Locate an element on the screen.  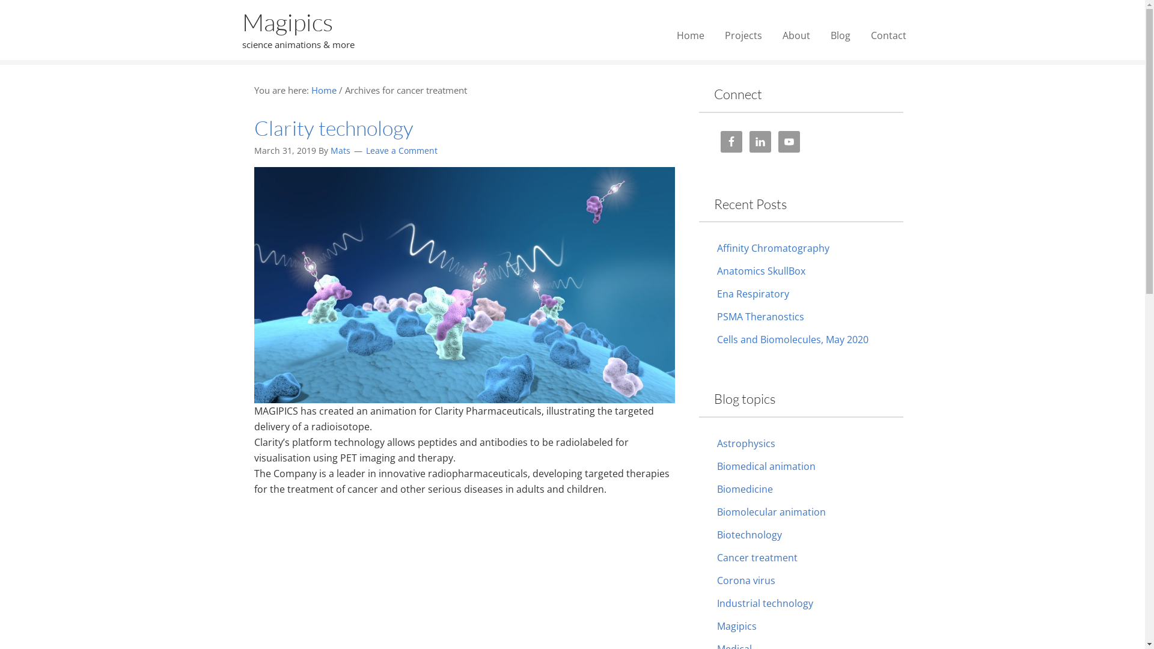
'Biomolecular animation' is located at coordinates (771, 511).